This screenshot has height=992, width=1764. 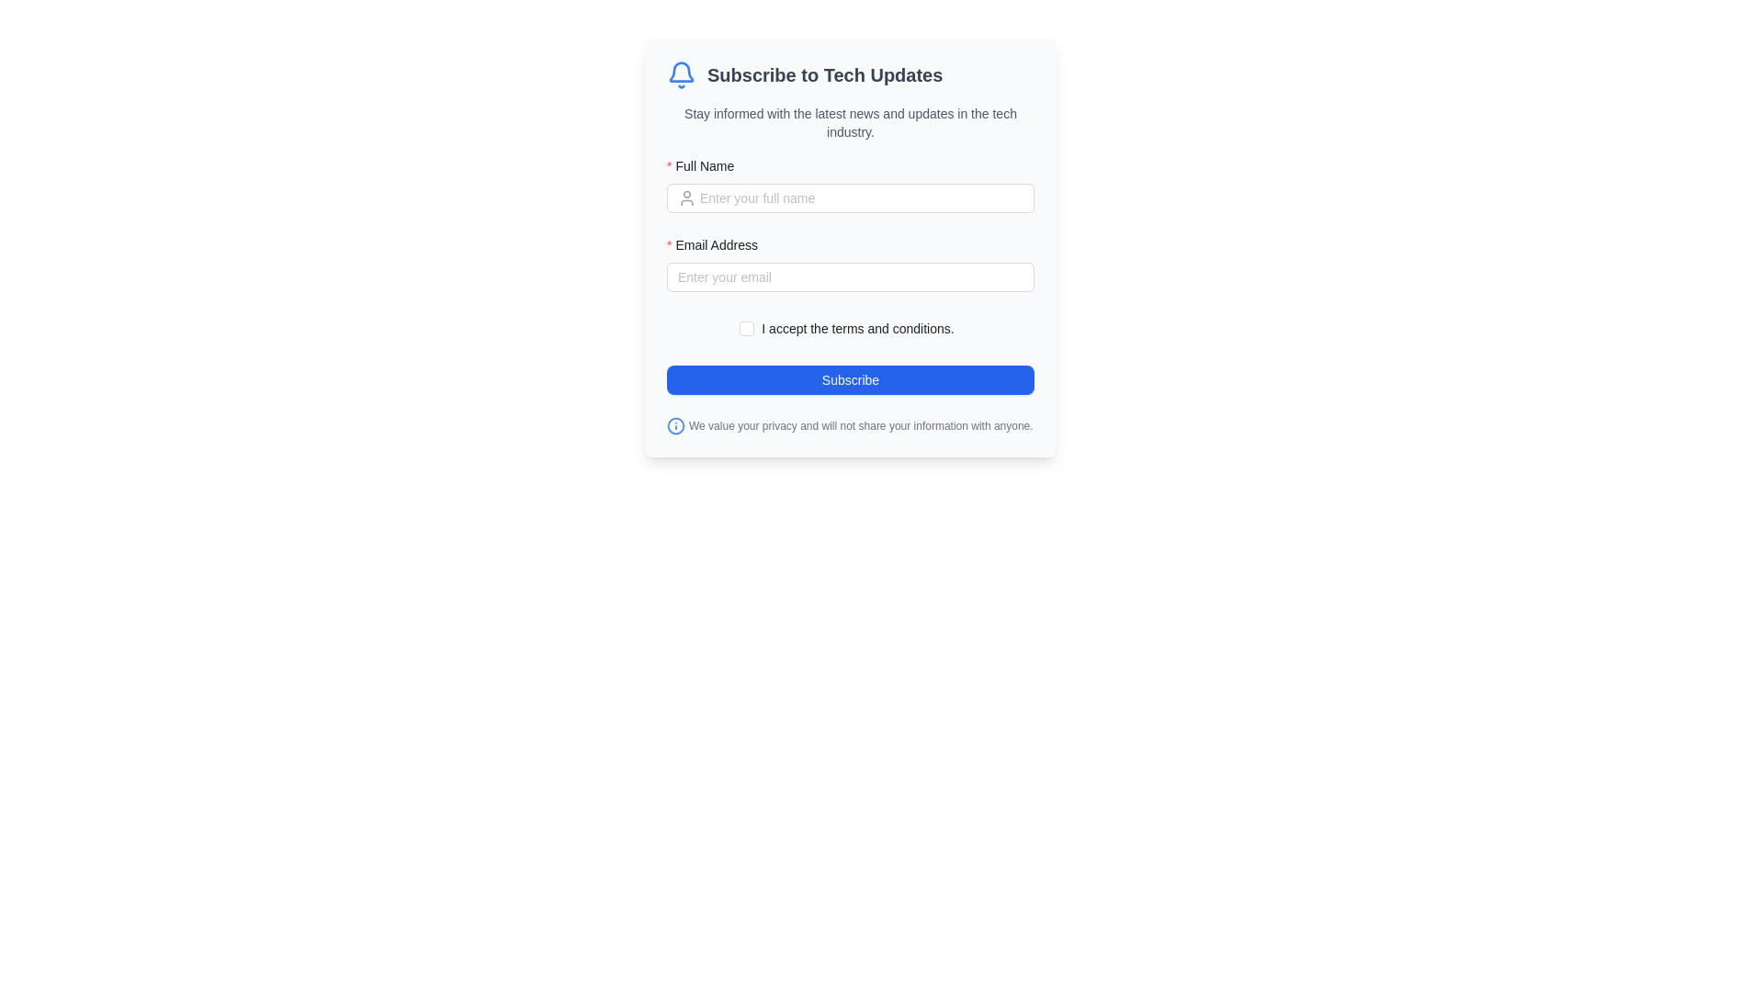 I want to click on text that serves as the section's title or header, located in the header of the form card, to the right of a notification bell icon, so click(x=824, y=73).